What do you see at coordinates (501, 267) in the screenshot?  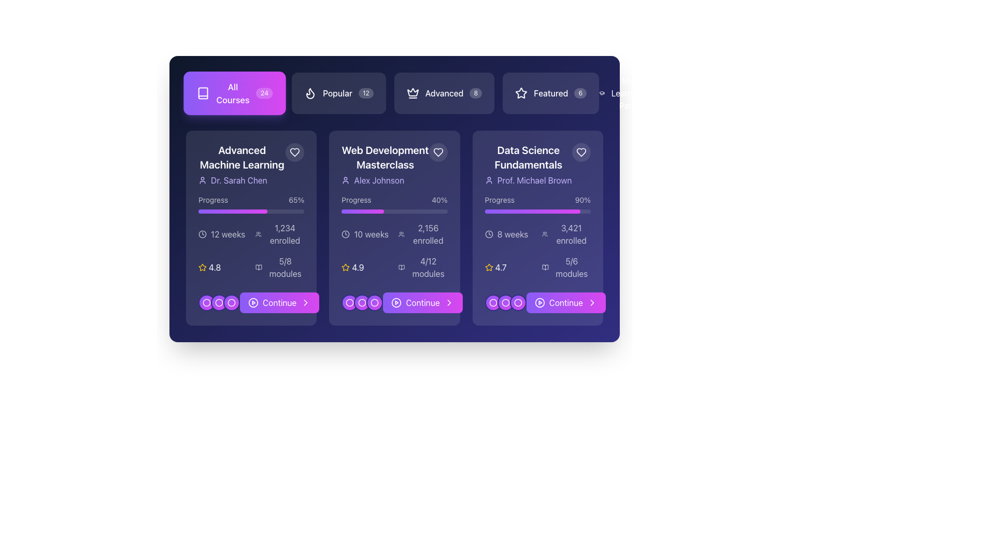 I see `the numerical label displaying the value '4.7' in white text, which is part of the rating system adjacent to a star icon, located within the 'Data Science Fundamentals' card` at bounding box center [501, 267].